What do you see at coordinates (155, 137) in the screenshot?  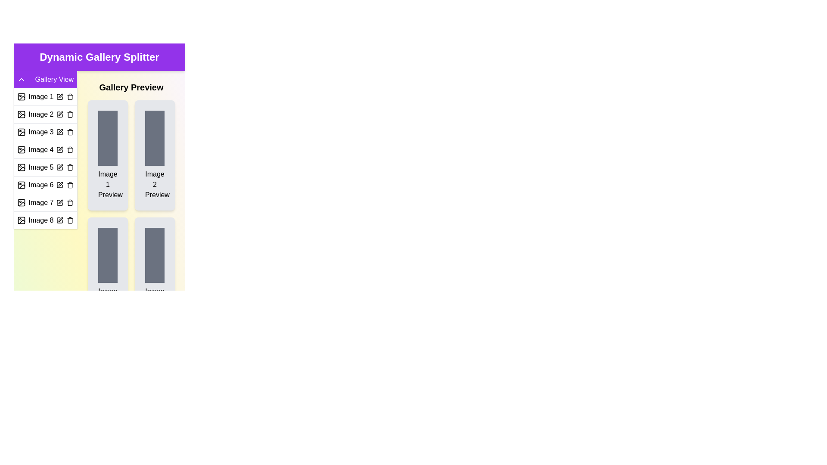 I see `the content or appearance of the gray rectangular visual placeholder located at the top of the 'Image 2 Preview' card in the gallery preview section` at bounding box center [155, 137].